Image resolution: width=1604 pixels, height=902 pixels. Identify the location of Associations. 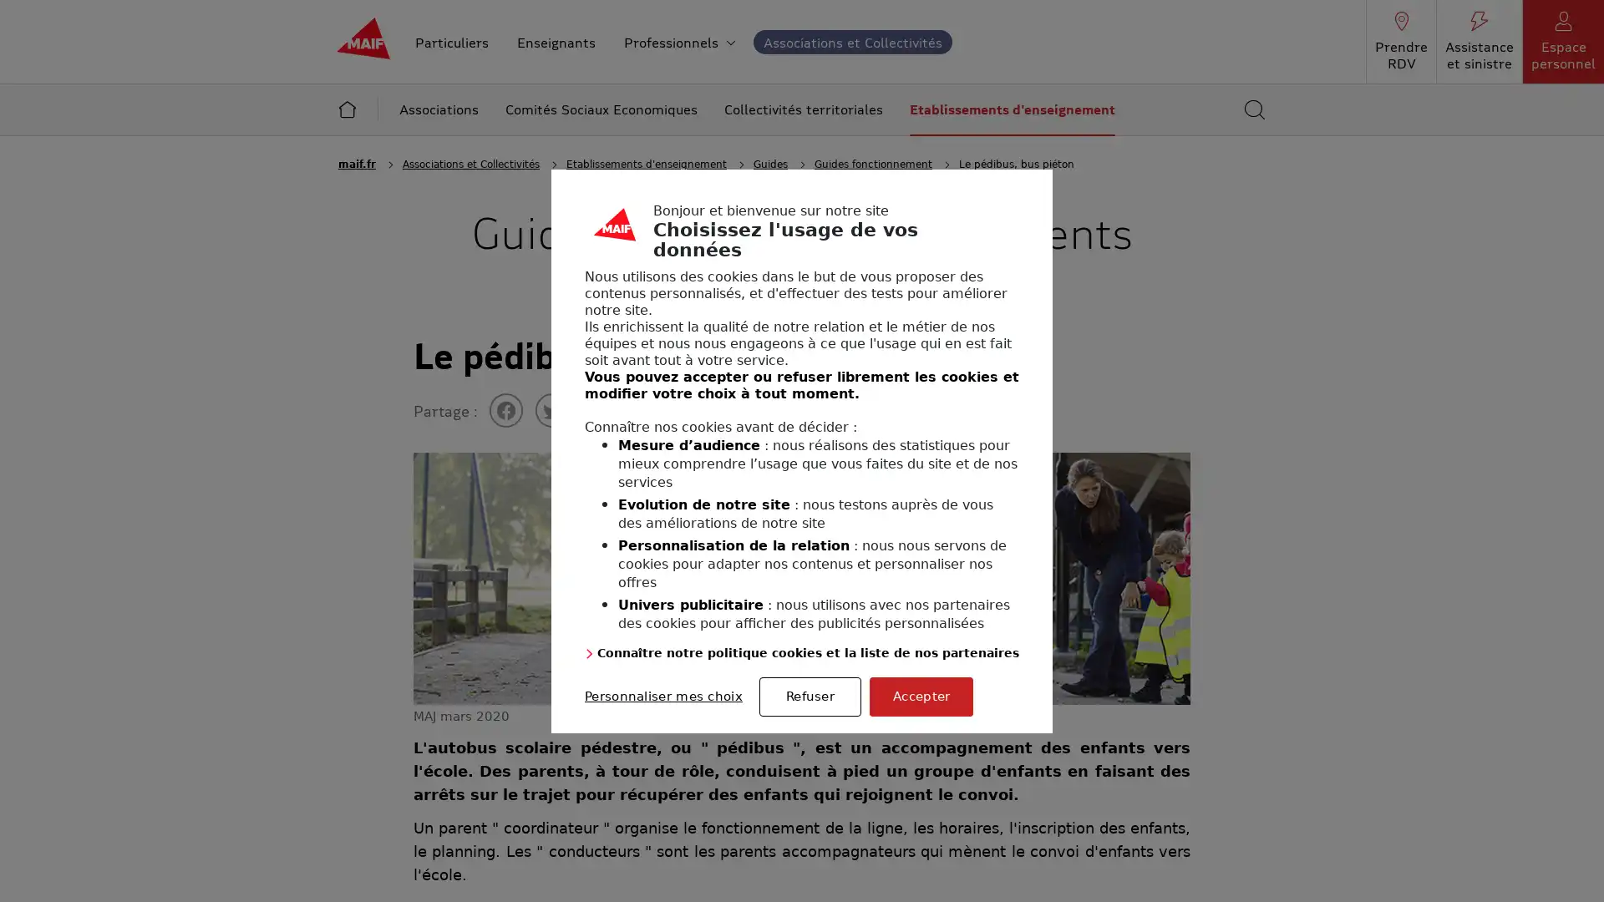
(439, 109).